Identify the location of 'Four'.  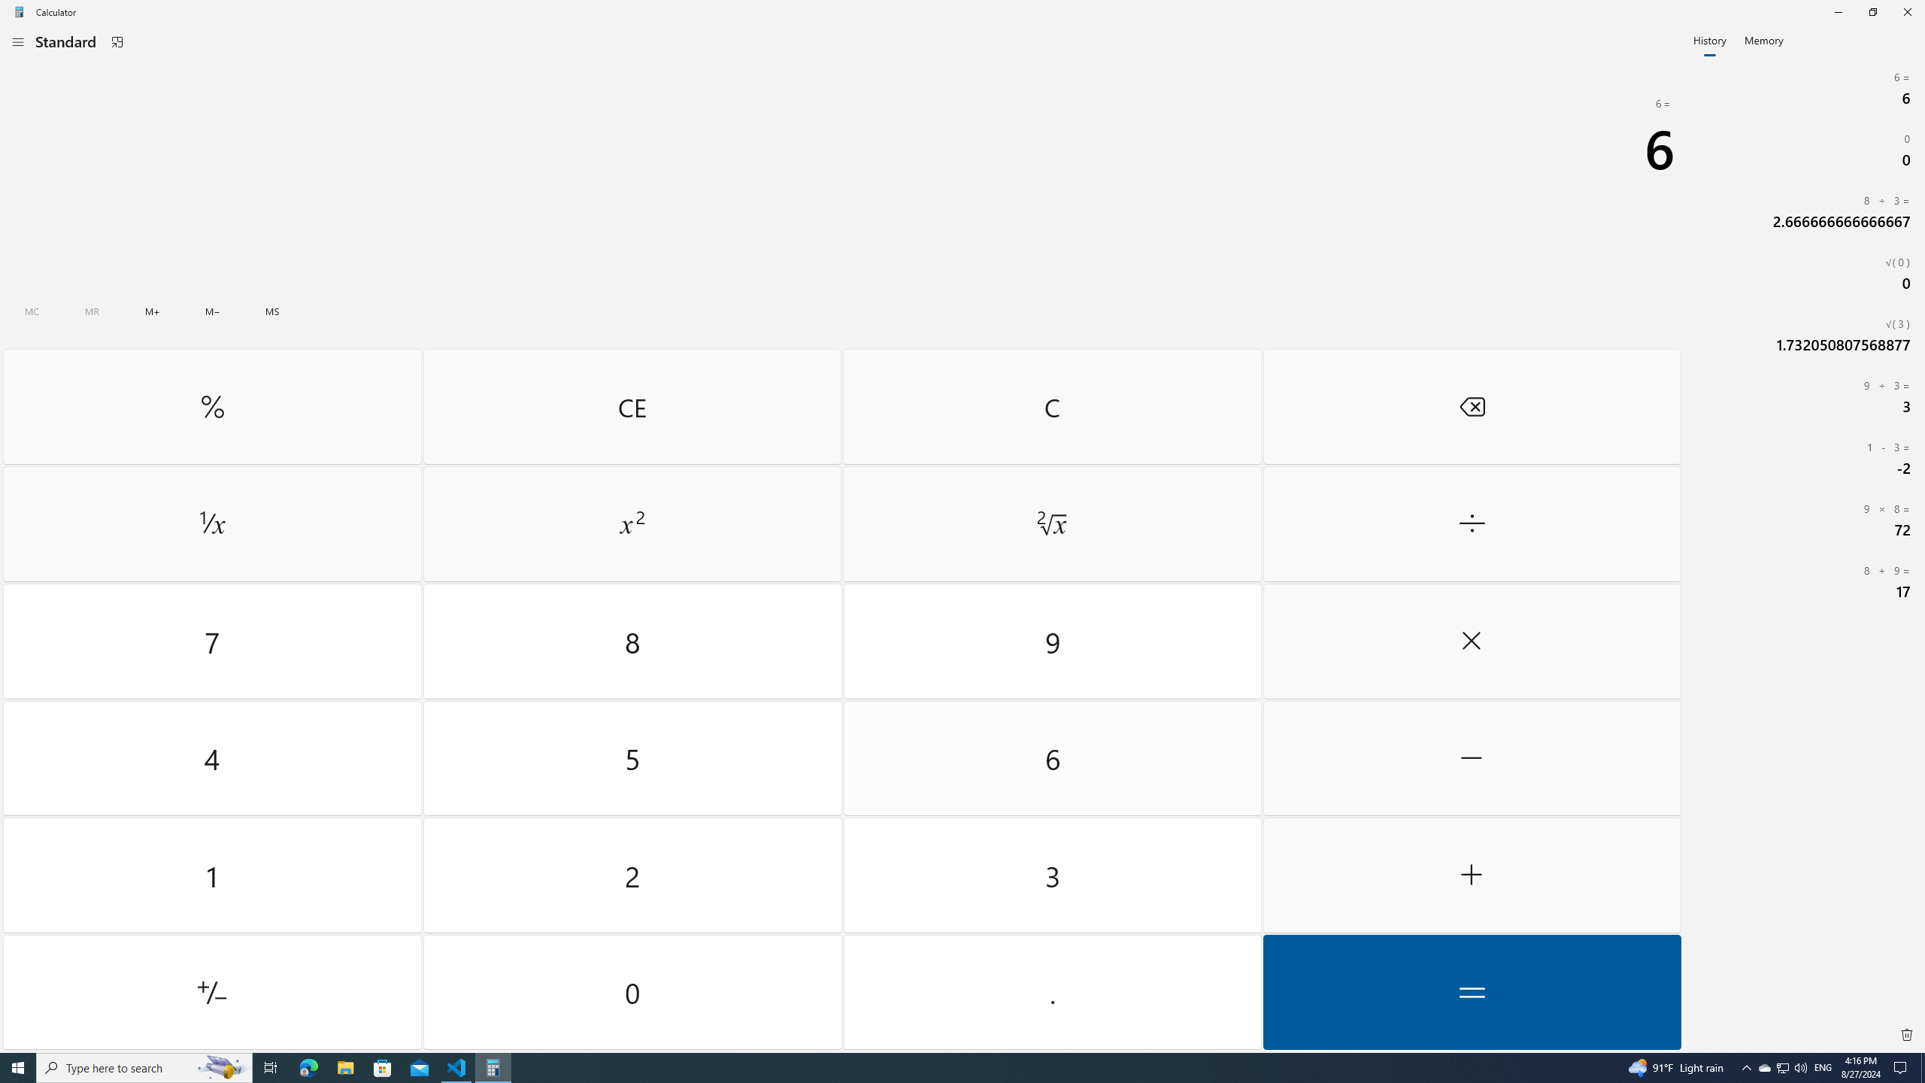
(211, 757).